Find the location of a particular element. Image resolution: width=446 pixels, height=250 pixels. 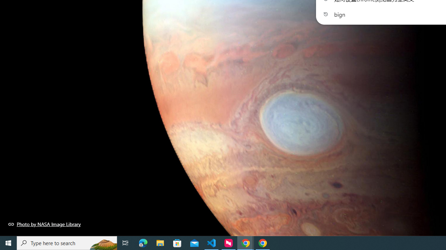

'Photo by NASA Image Library' is located at coordinates (44, 224).